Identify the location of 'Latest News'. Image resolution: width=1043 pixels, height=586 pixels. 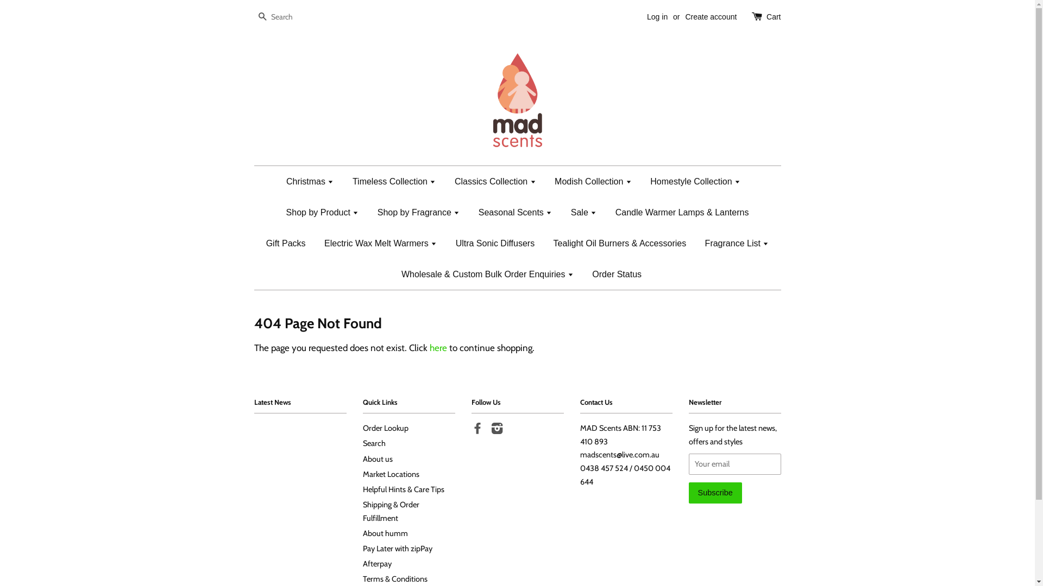
(273, 402).